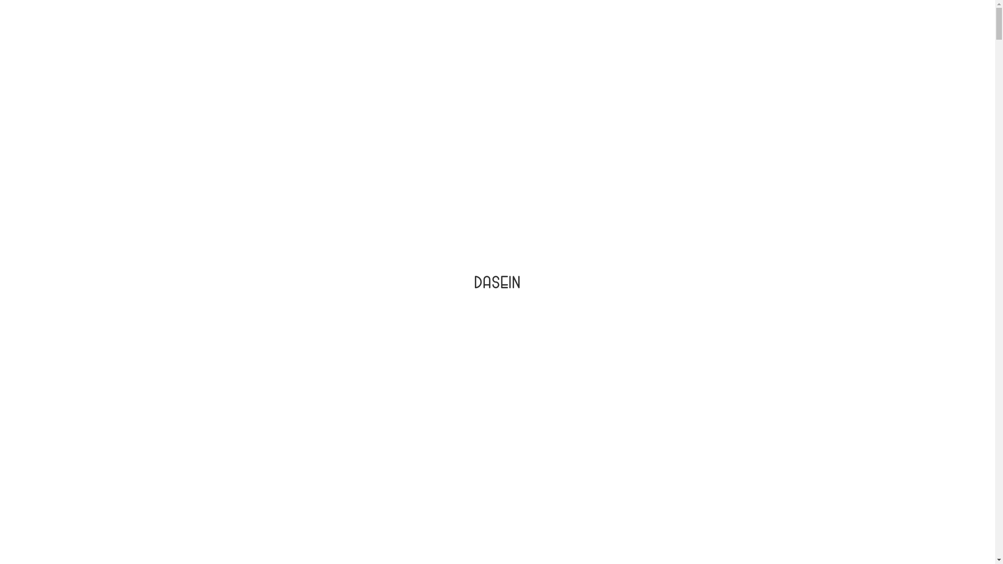 The width and height of the screenshot is (1003, 564). What do you see at coordinates (718, 38) in the screenshot?
I see `'BLOG'` at bounding box center [718, 38].